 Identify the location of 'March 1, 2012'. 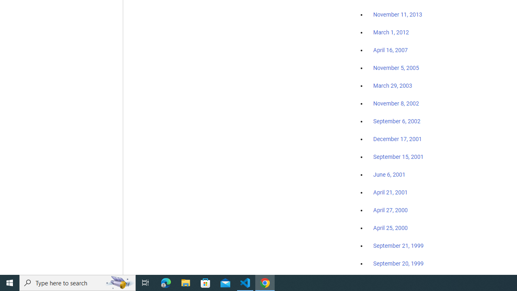
(391, 32).